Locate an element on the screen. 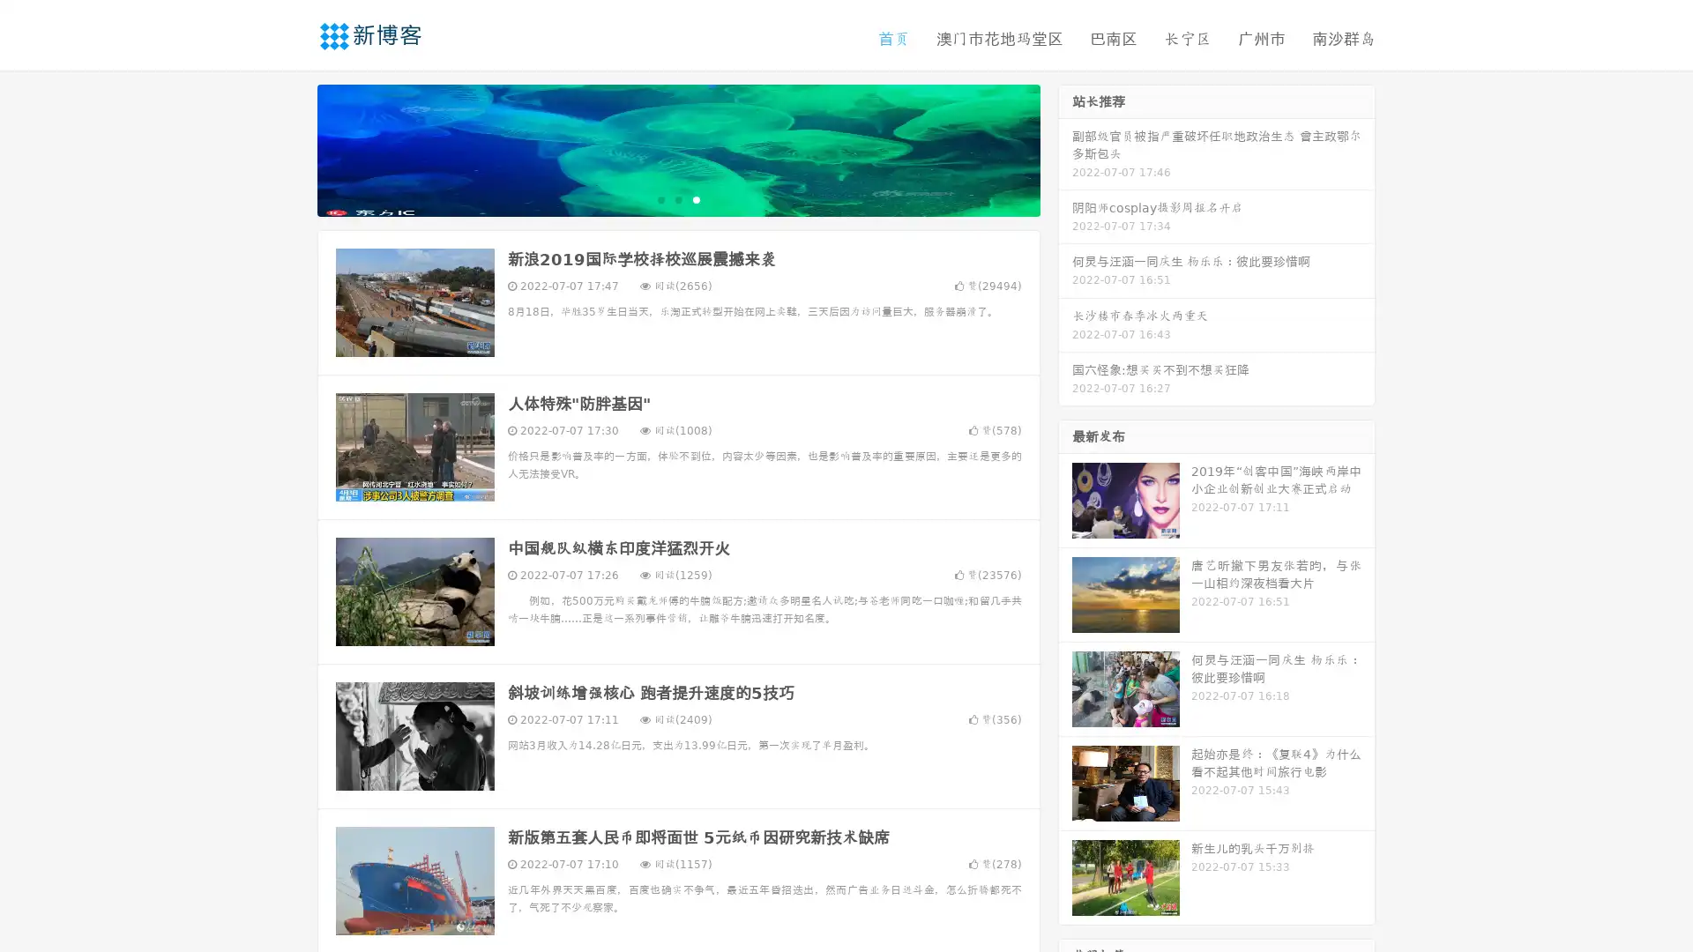  Go to slide 3 is located at coordinates (696, 198).